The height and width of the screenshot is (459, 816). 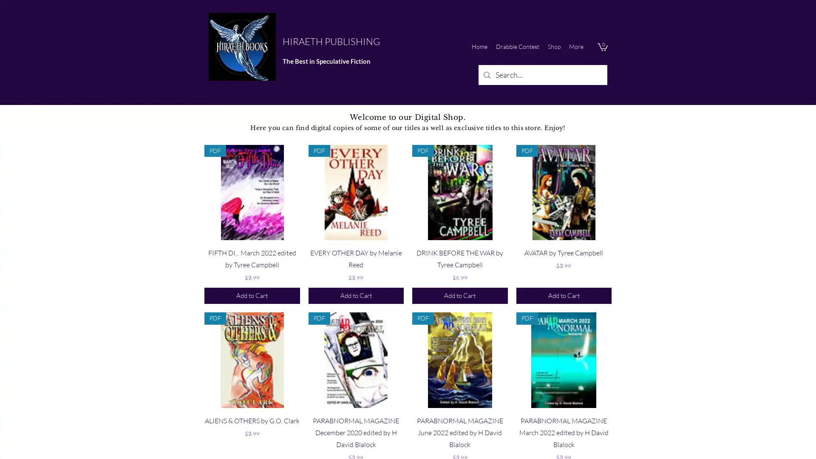 What do you see at coordinates (252, 417) in the screenshot?
I see `Quick View` at bounding box center [252, 417].